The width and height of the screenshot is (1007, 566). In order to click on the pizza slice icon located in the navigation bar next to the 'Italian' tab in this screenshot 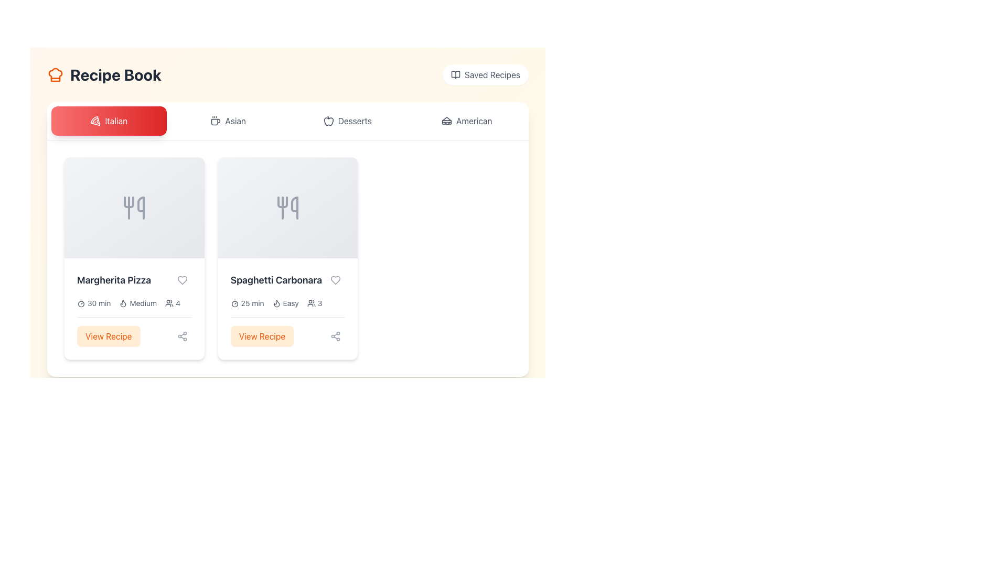, I will do `click(95, 121)`.